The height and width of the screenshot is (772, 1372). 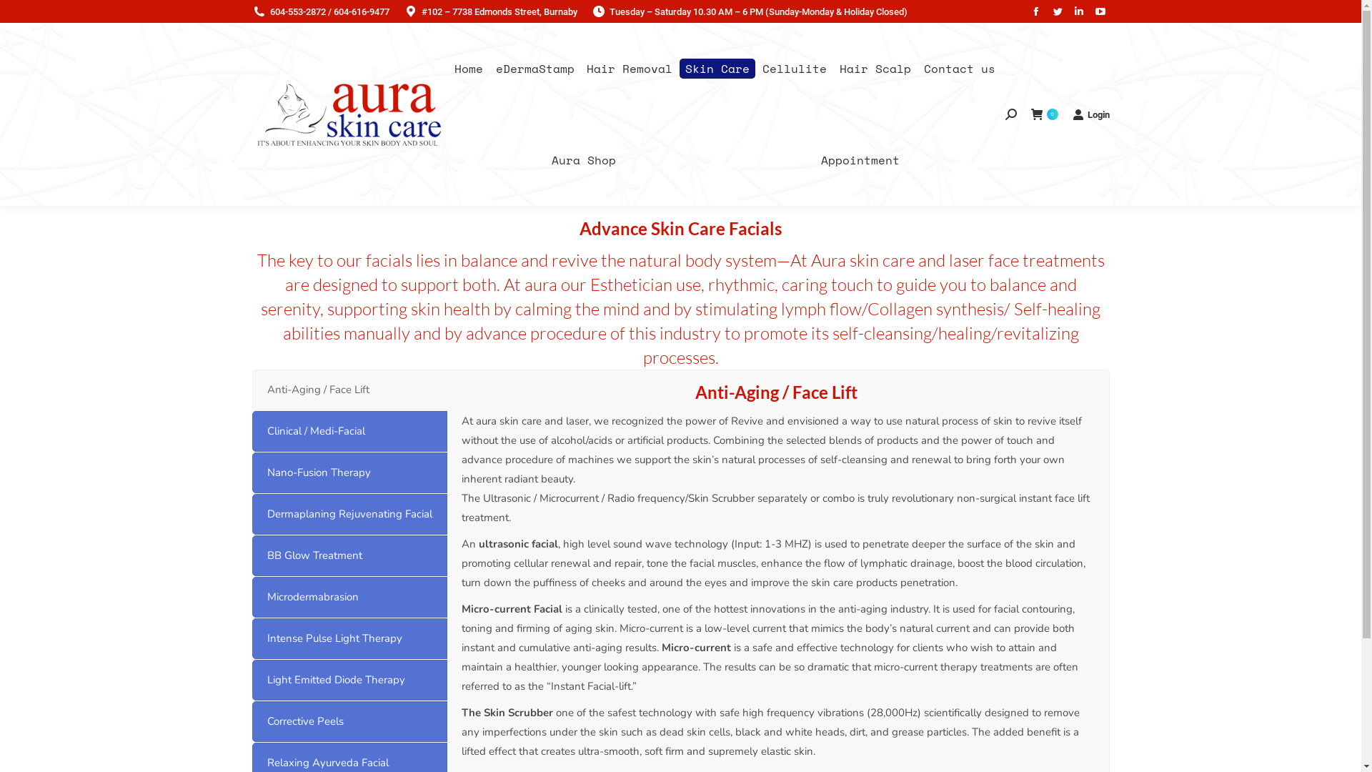 I want to click on 'YouTube page opens in new window', so click(x=1099, y=11).